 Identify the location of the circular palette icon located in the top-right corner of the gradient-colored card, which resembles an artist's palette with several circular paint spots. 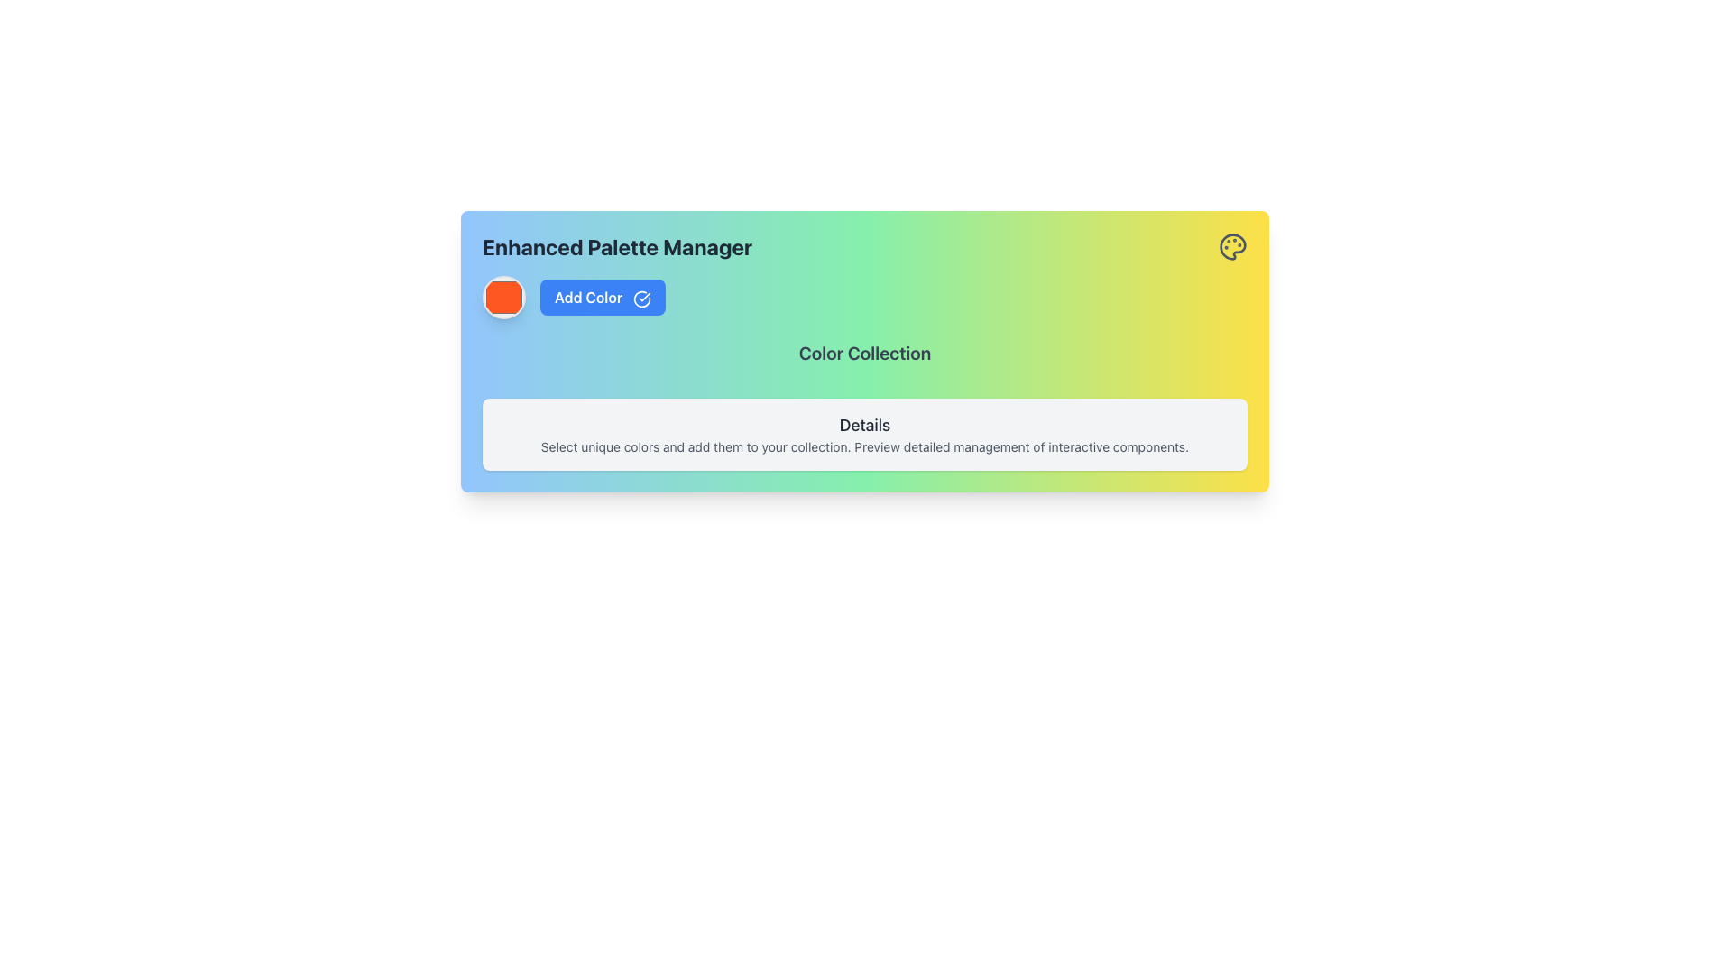
(1232, 246).